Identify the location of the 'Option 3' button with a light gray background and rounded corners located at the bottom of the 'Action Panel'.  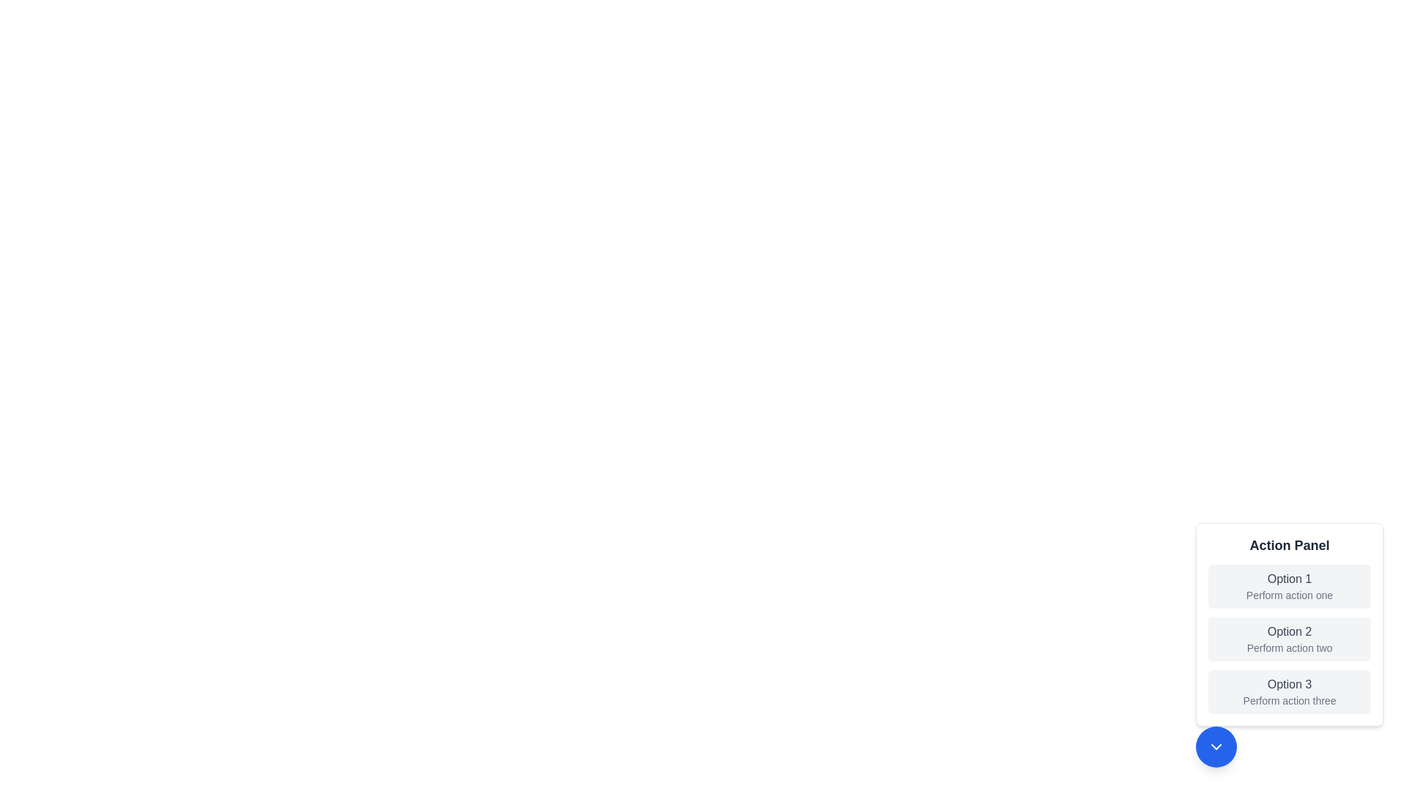
(1290, 692).